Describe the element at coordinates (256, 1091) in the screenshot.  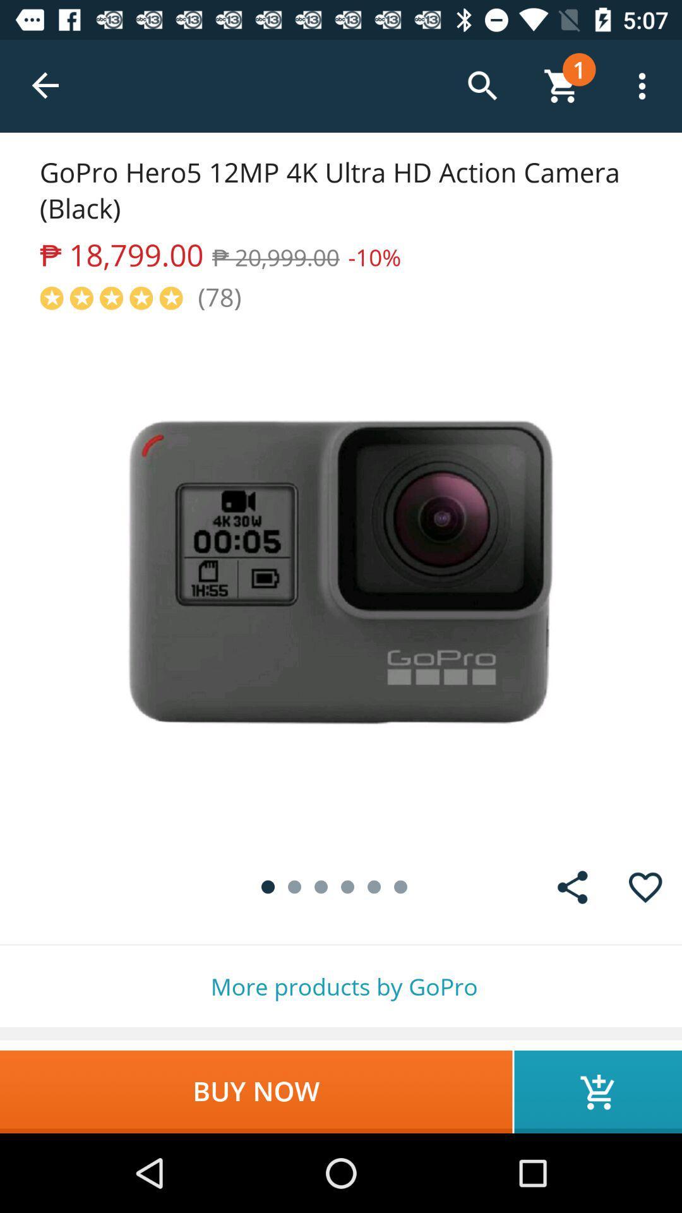
I see `icon below the more products by item` at that location.